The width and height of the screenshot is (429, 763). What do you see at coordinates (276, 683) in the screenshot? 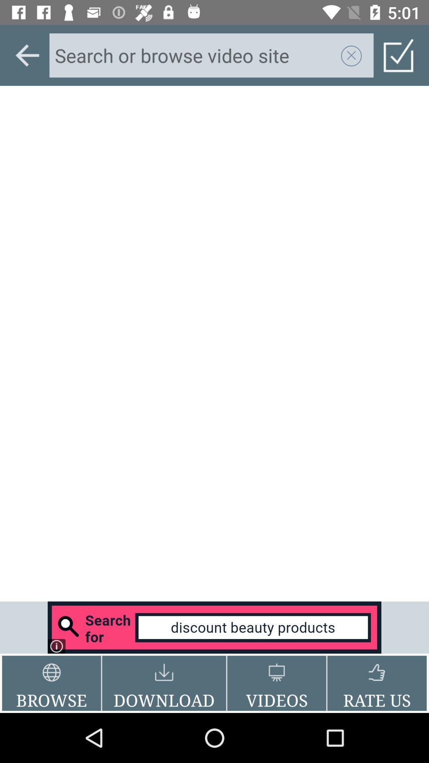
I see `the videos item` at bounding box center [276, 683].